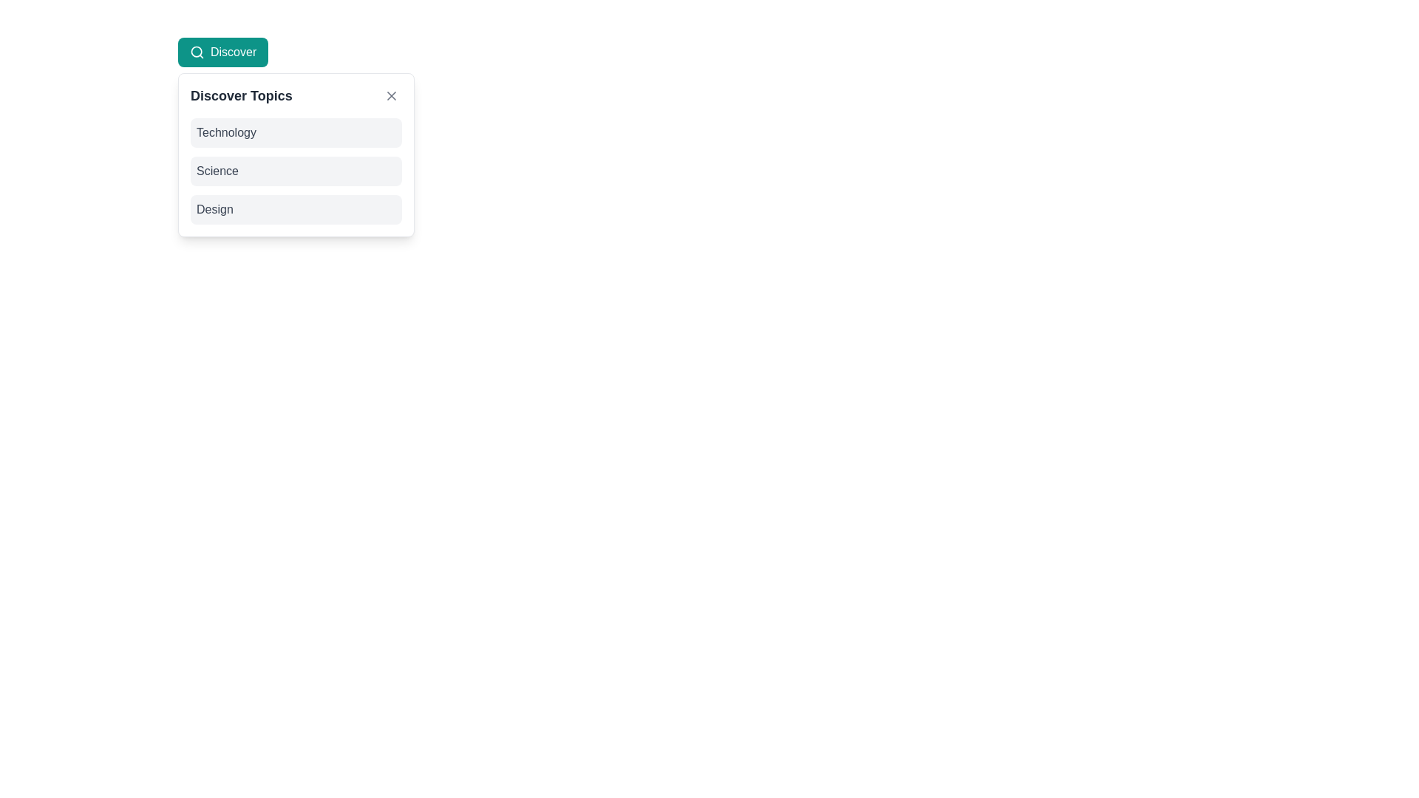 This screenshot has width=1419, height=798. I want to click on the 'Science' selectable list item, which is the second item in the vertical list under the 'Discover Topics' section, so click(296, 170).